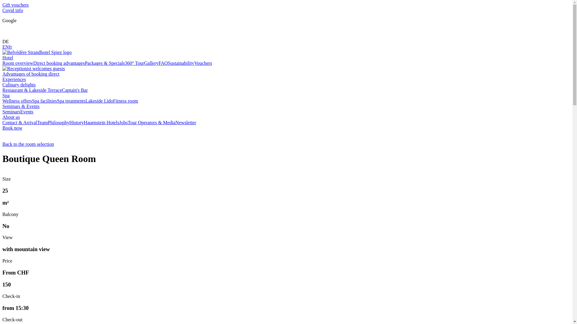 The image size is (577, 324). Describe the element at coordinates (2, 112) in the screenshot. I see `'Seminars'` at that location.